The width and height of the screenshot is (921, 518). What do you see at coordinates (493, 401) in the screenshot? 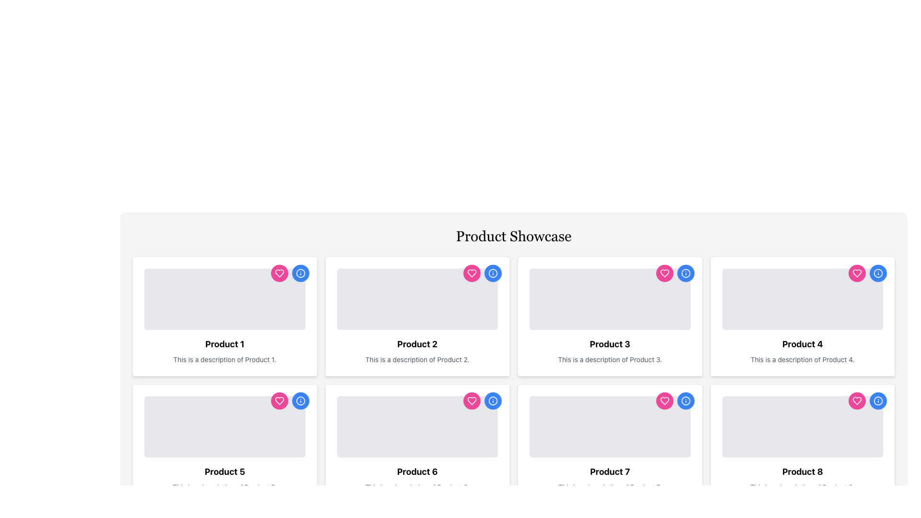
I see `the circular blue button with a white border and information icon located at the top-right corner of the fourth product item in the second row of the product grid` at bounding box center [493, 401].